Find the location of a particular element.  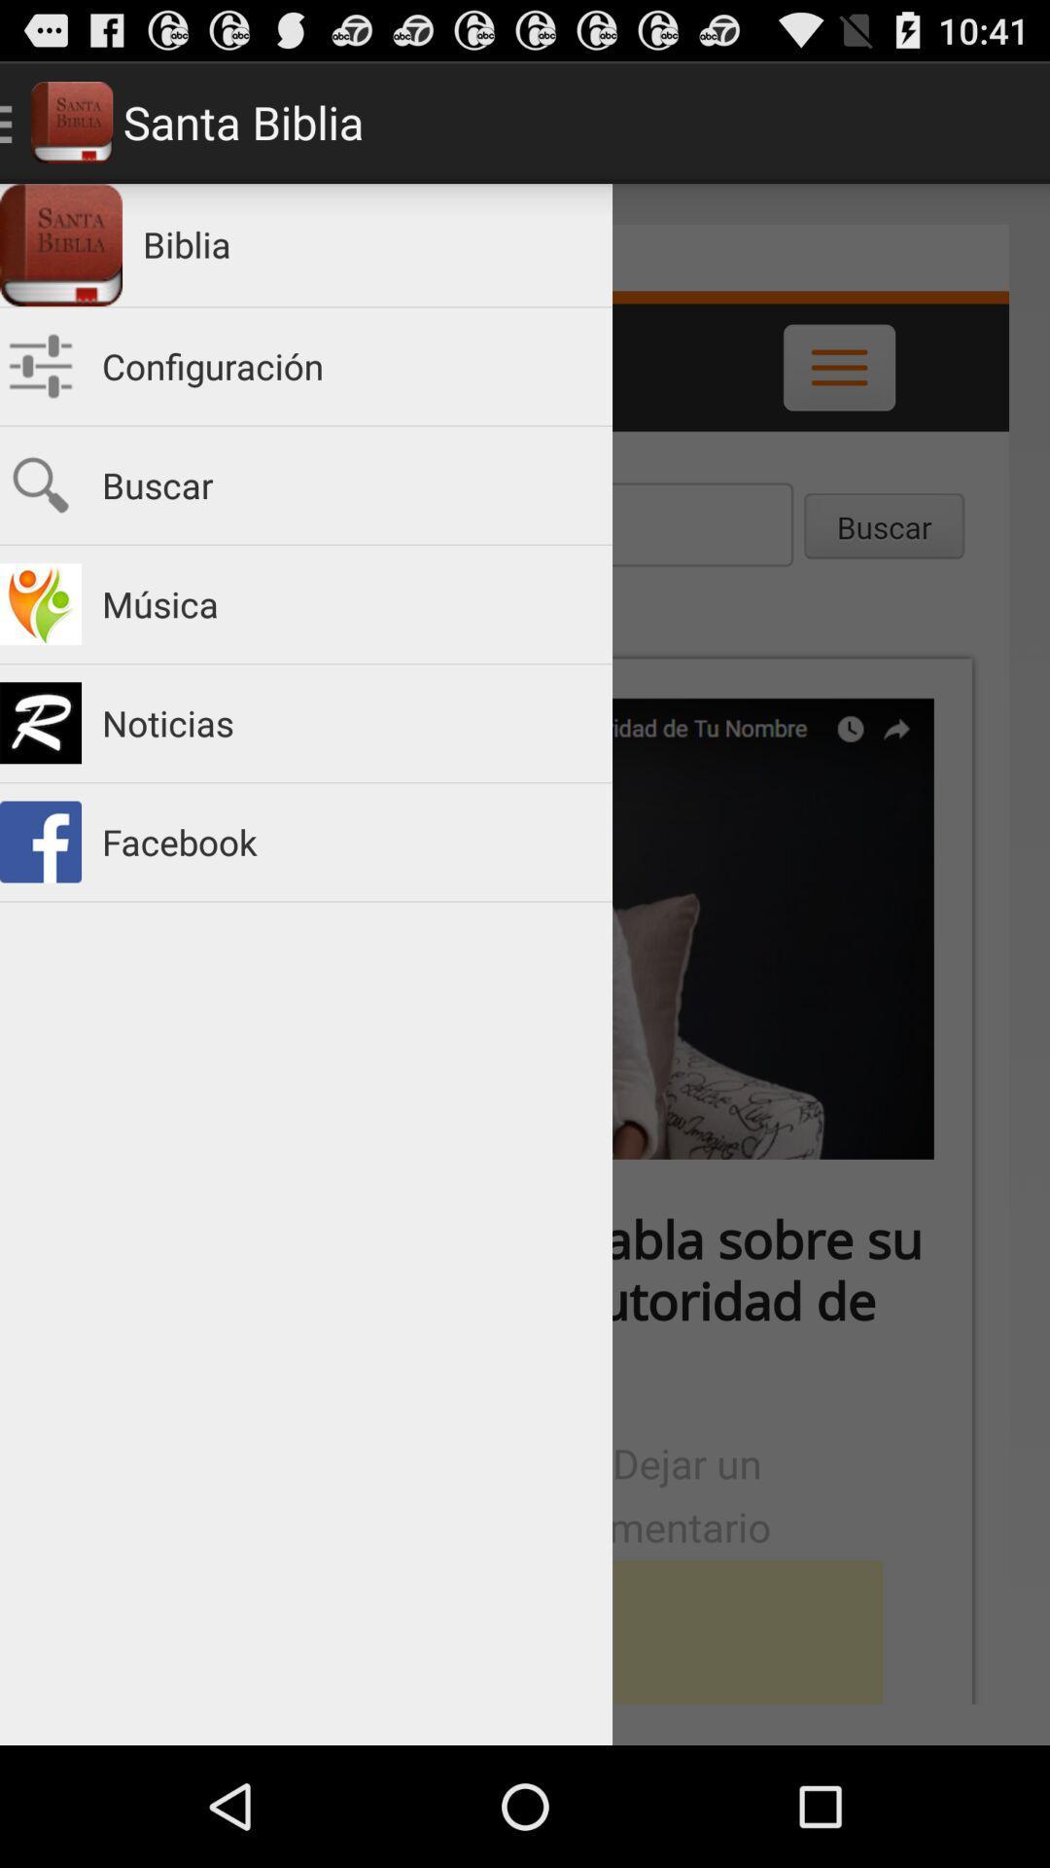

the noticias item is located at coordinates (346, 722).